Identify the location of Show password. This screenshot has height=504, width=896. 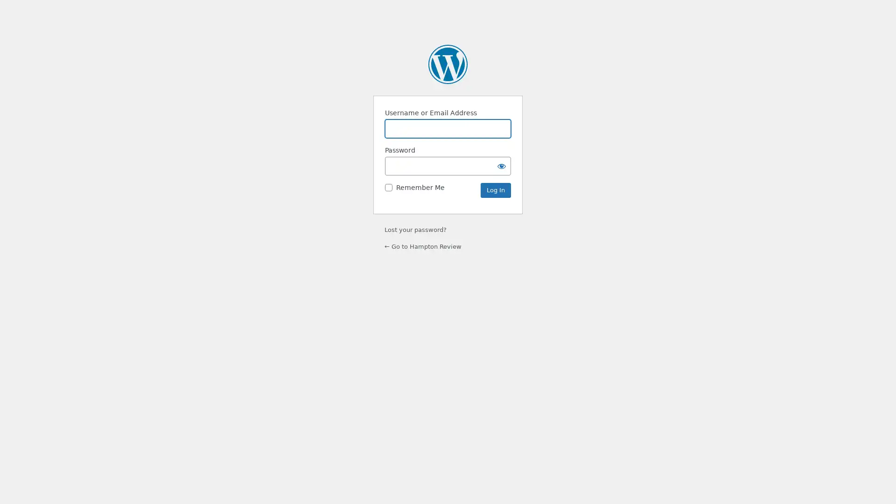
(501, 165).